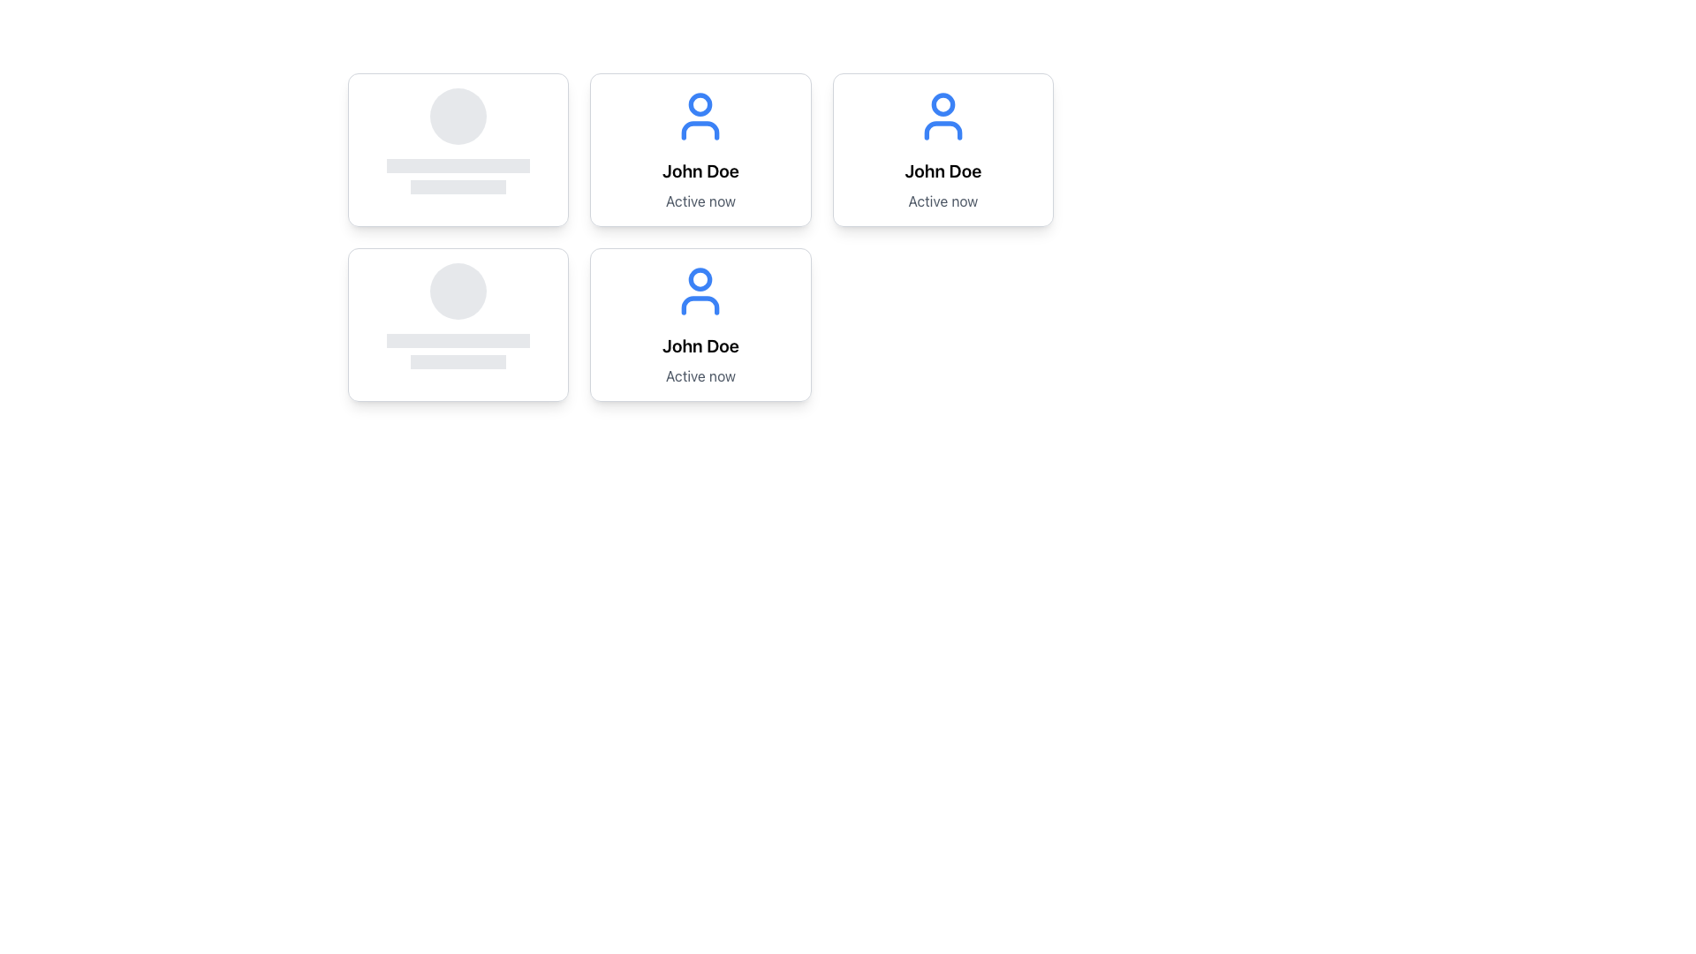 This screenshot has width=1696, height=954. Describe the element at coordinates (458, 140) in the screenshot. I see `the animated pulsing placeholder located in the upper-left card of the grid, which indicates a loading state` at that location.